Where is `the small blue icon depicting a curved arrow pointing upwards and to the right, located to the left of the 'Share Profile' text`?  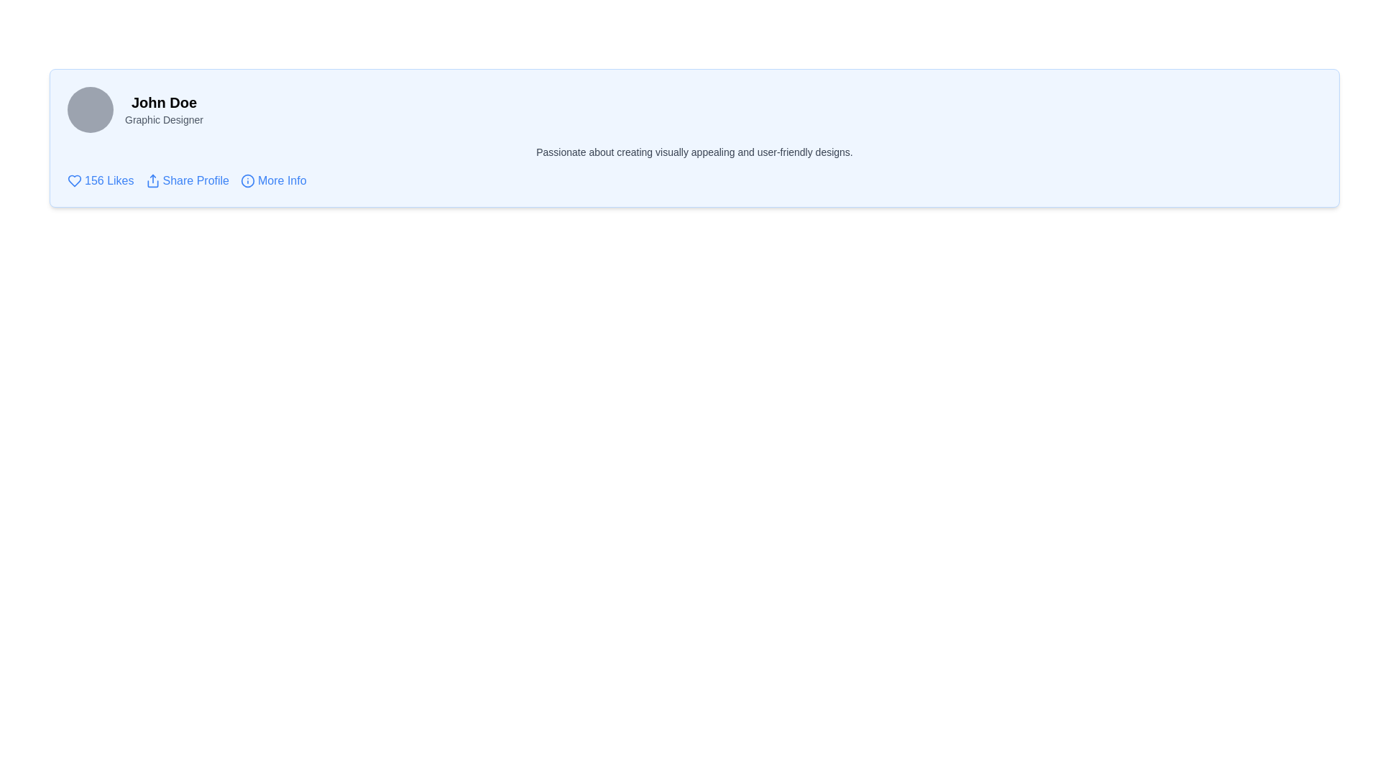 the small blue icon depicting a curved arrow pointing upwards and to the right, located to the left of the 'Share Profile' text is located at coordinates (152, 180).